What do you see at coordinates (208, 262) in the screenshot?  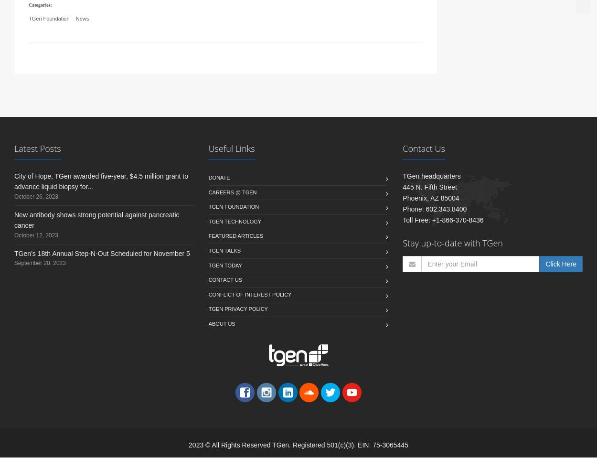 I see `'TGen Talks'` at bounding box center [208, 262].